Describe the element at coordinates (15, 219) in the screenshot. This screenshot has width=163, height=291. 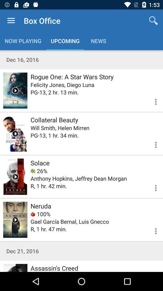
I see `film preview` at that location.